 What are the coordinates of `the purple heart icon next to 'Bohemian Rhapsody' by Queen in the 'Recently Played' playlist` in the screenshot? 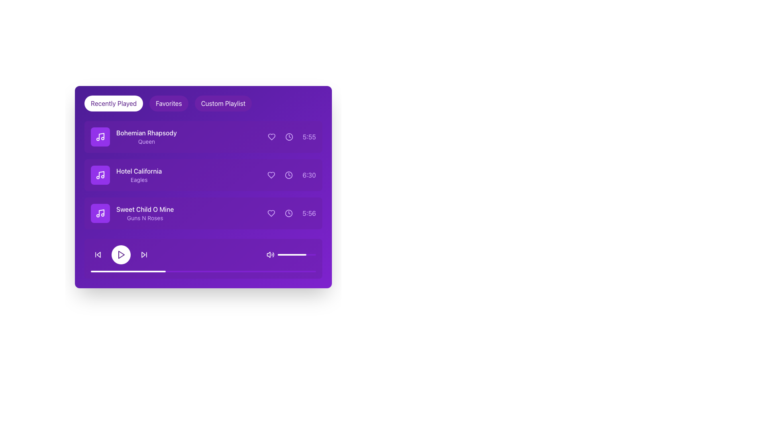 It's located at (271, 136).